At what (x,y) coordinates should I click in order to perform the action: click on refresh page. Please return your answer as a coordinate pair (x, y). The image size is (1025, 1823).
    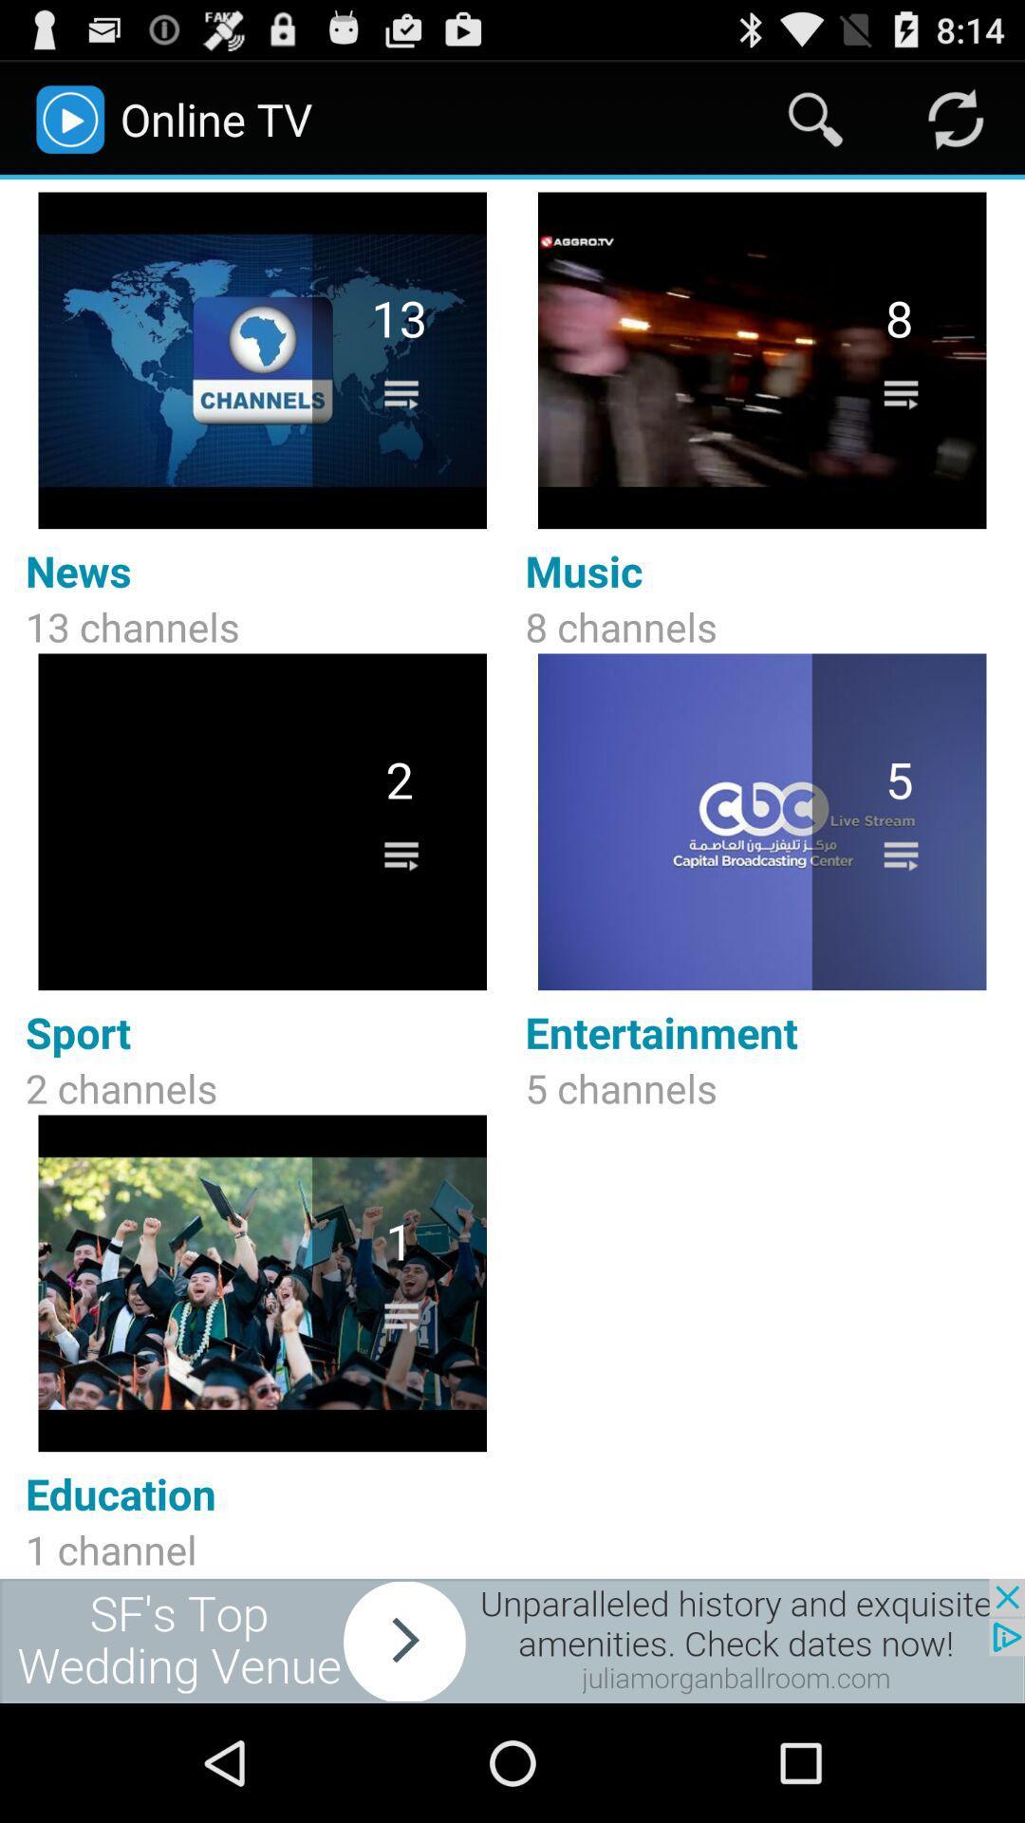
    Looking at the image, I should click on (955, 118).